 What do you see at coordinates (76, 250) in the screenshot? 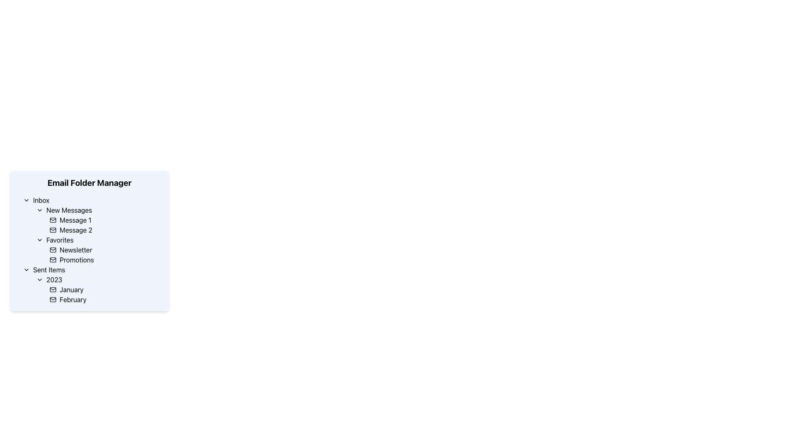
I see `the 'Newsletter' text label in the 'Favorites' section of the email folder manager` at bounding box center [76, 250].